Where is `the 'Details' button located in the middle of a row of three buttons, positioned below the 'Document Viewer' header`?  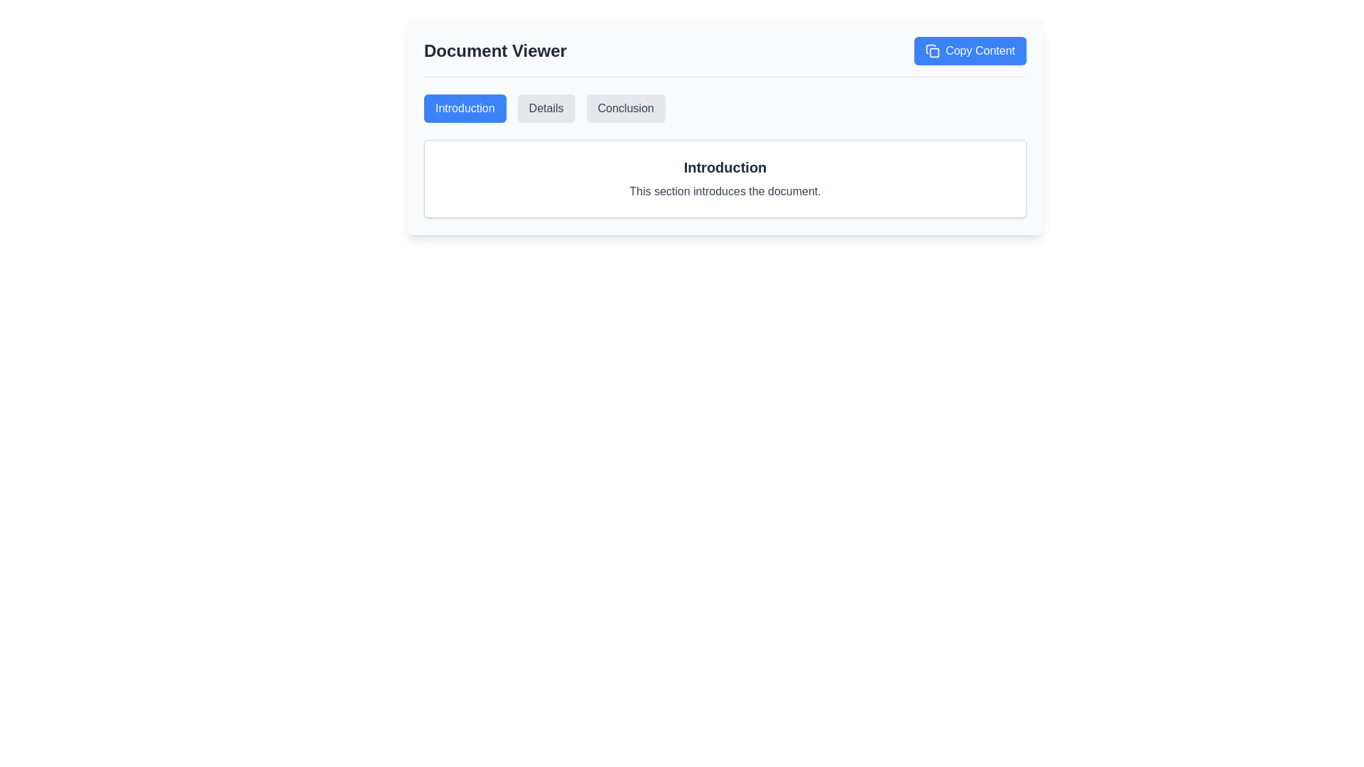 the 'Details' button located in the middle of a row of three buttons, positioned below the 'Document Viewer' header is located at coordinates (546, 108).